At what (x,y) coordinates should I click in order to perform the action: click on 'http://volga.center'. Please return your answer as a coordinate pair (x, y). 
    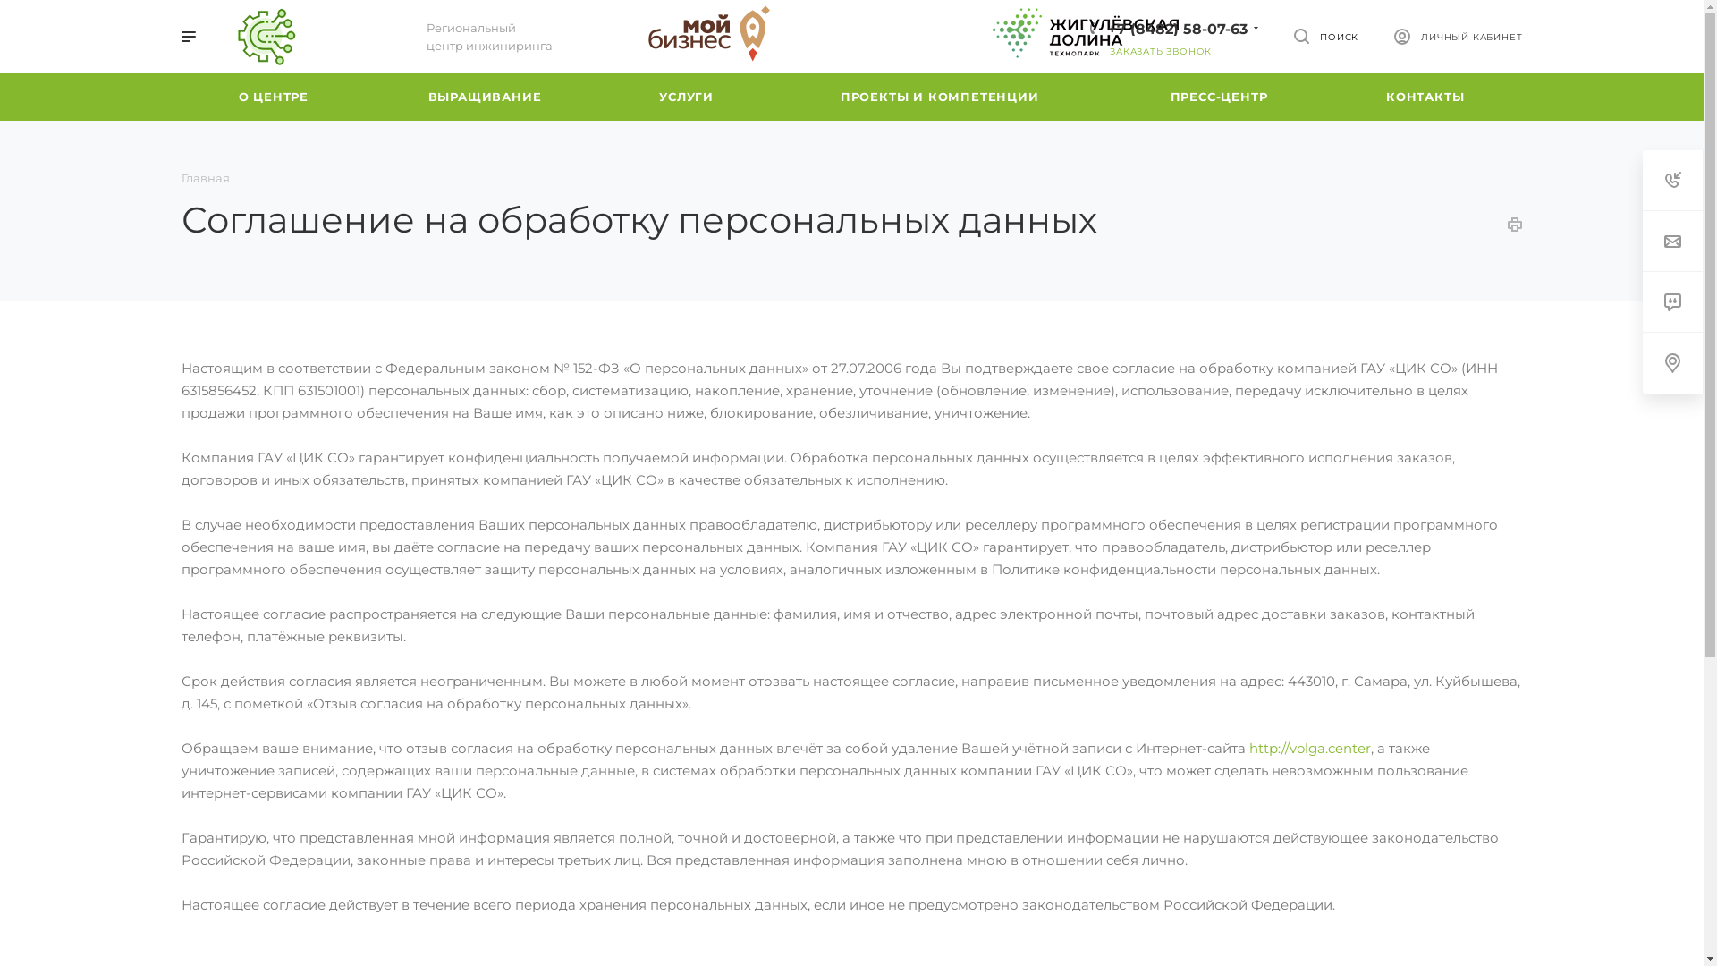
    Looking at the image, I should click on (1309, 748).